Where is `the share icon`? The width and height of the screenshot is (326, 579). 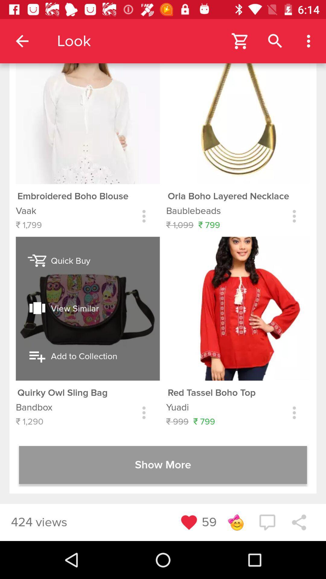 the share icon is located at coordinates (299, 522).